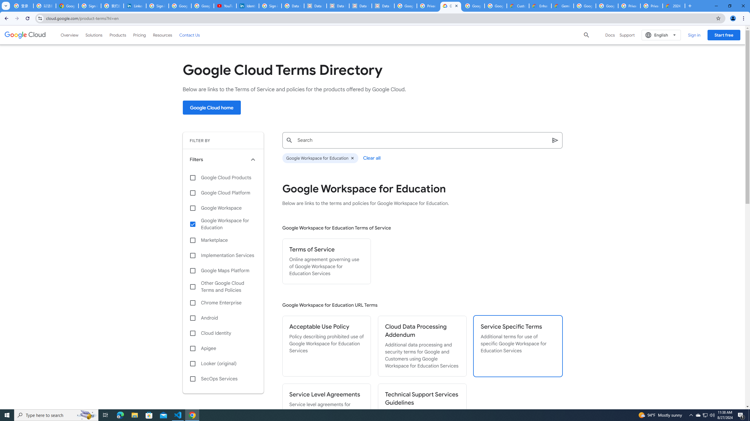  Describe the element at coordinates (211, 107) in the screenshot. I see `'Google Cloud home'` at that location.